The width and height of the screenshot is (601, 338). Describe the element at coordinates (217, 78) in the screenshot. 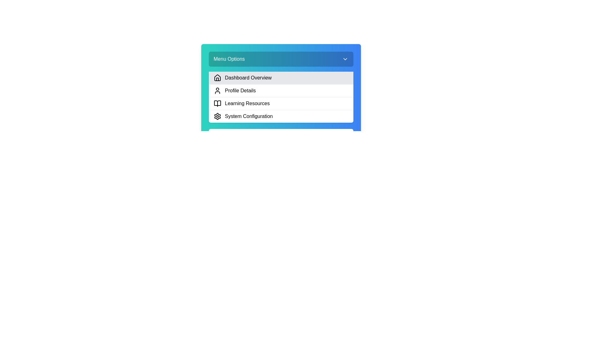

I see `the 'Dashboard Overview' menu icon, which is located in the leftmost position of the first row of the vertical menu list, adjacent to the text 'Dashboard Overview'` at that location.